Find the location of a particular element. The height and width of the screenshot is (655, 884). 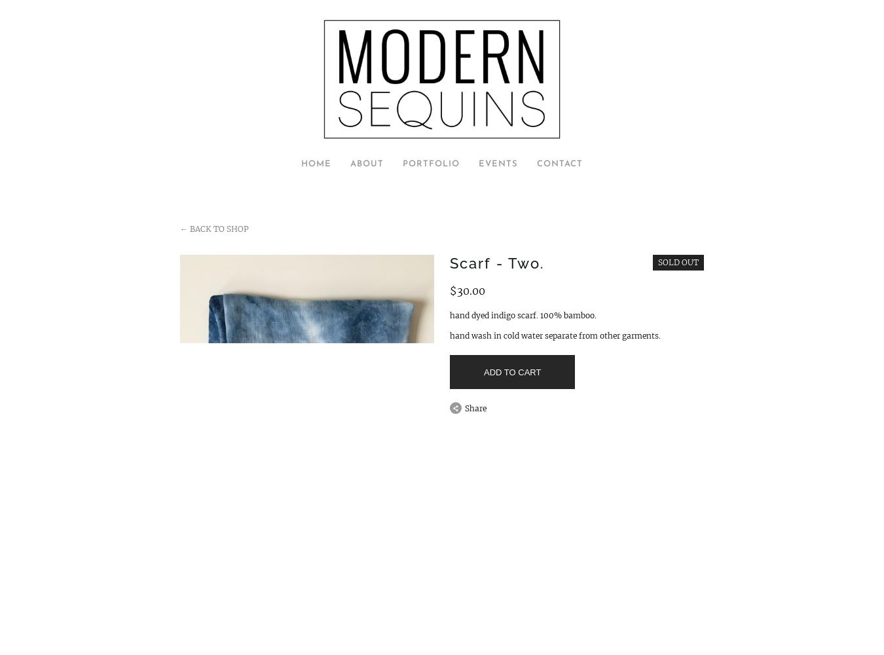

'EVENTS' is located at coordinates (497, 164).